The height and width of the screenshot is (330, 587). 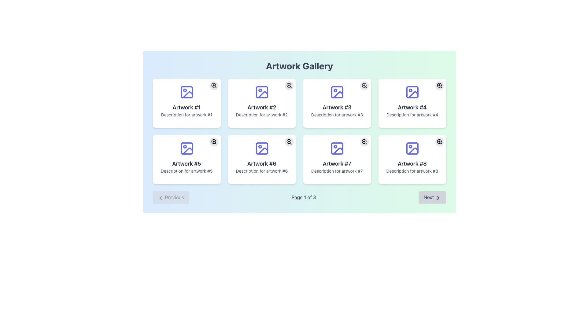 What do you see at coordinates (214, 141) in the screenshot?
I see `the zoom icon located at the top-right corner of the 'Artwork #5' card` at bounding box center [214, 141].